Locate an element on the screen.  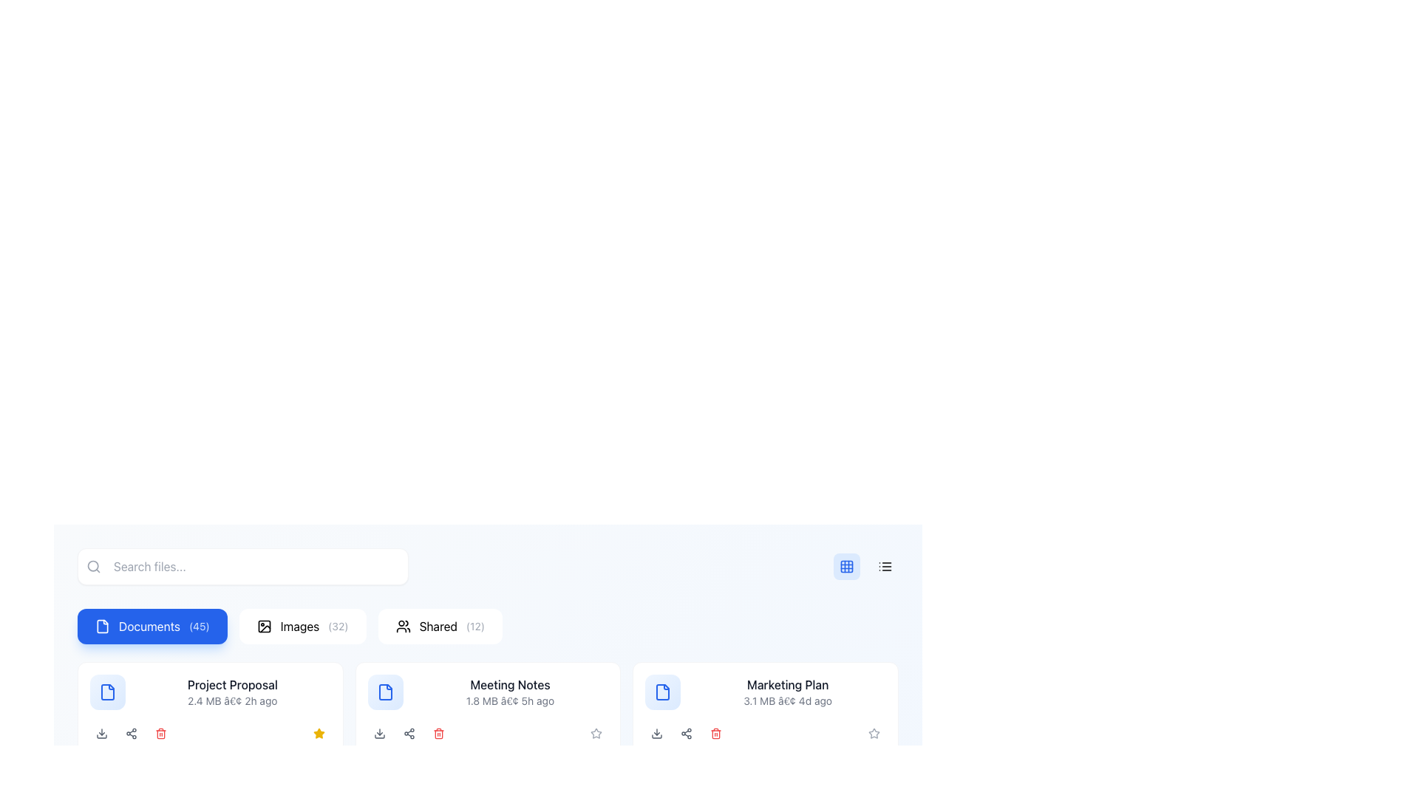
the document icon representing 'Meeting Notes' is located at coordinates (385, 692).